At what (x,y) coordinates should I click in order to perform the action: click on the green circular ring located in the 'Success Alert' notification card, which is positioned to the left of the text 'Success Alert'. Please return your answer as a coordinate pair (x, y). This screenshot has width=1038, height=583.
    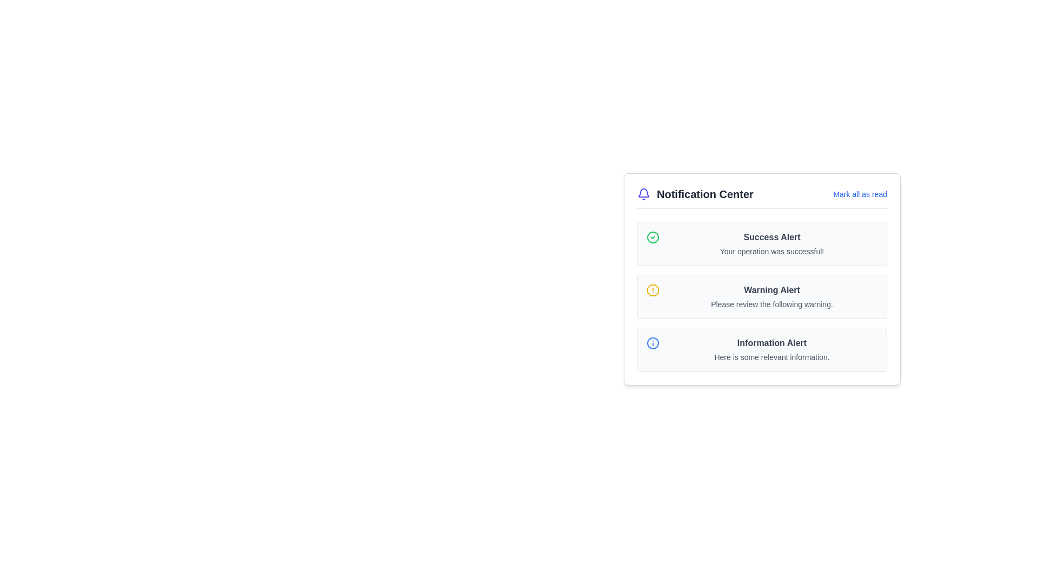
    Looking at the image, I should click on (653, 236).